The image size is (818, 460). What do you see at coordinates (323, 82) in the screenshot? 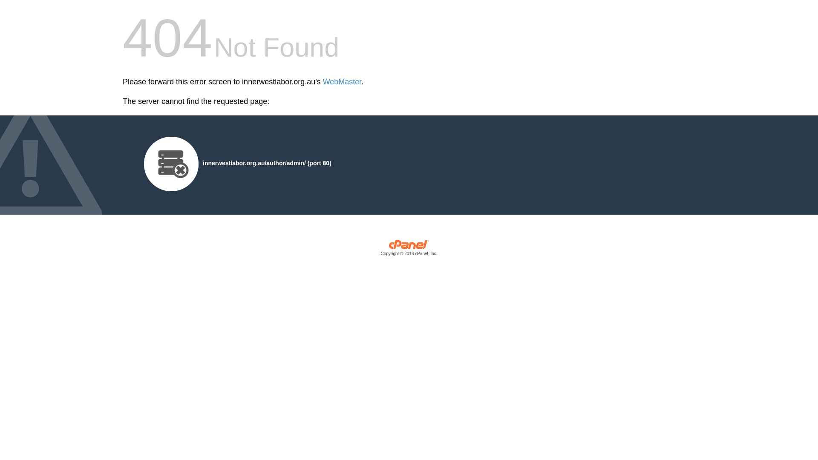
I see `'WebMaster'` at bounding box center [323, 82].